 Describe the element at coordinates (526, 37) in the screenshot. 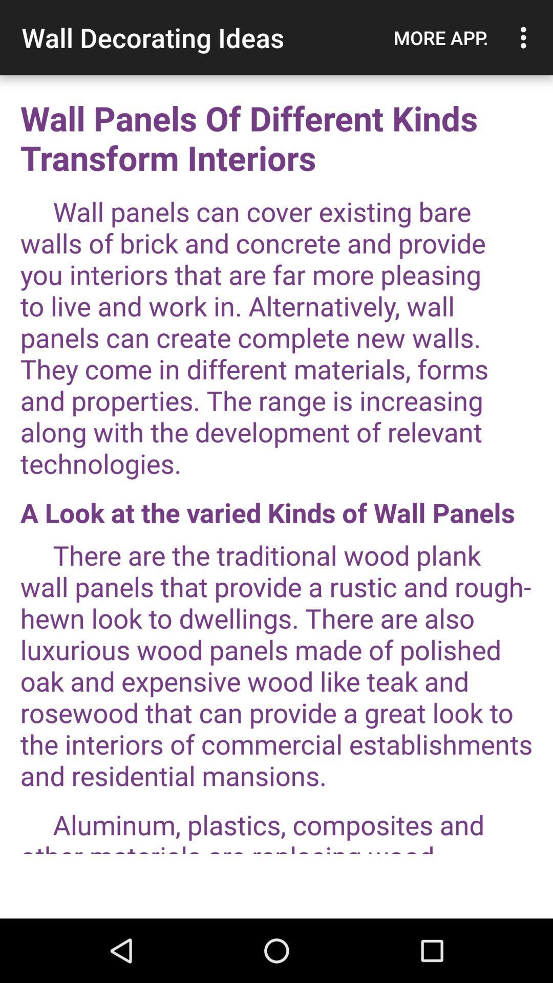

I see `the app above the wall panels of app` at that location.